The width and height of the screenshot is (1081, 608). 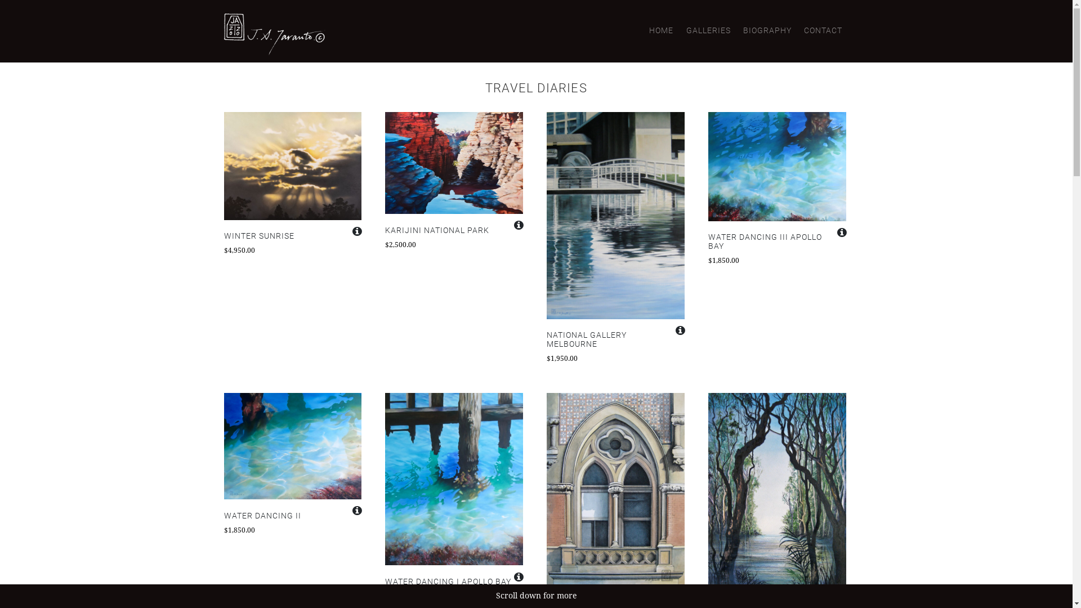 What do you see at coordinates (776, 241) in the screenshot?
I see `'WATER DANCING III APOLLO BAY'` at bounding box center [776, 241].